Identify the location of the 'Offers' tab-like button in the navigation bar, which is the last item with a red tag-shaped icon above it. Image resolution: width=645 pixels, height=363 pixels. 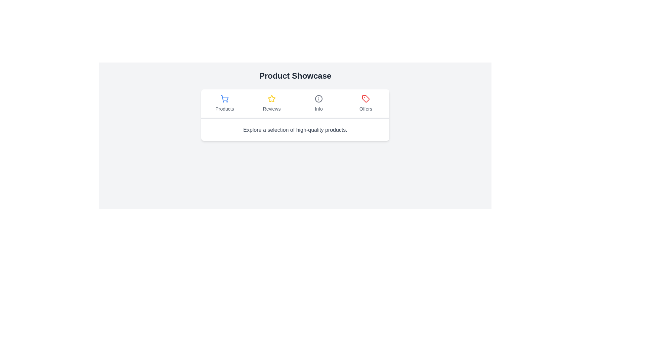
(365, 104).